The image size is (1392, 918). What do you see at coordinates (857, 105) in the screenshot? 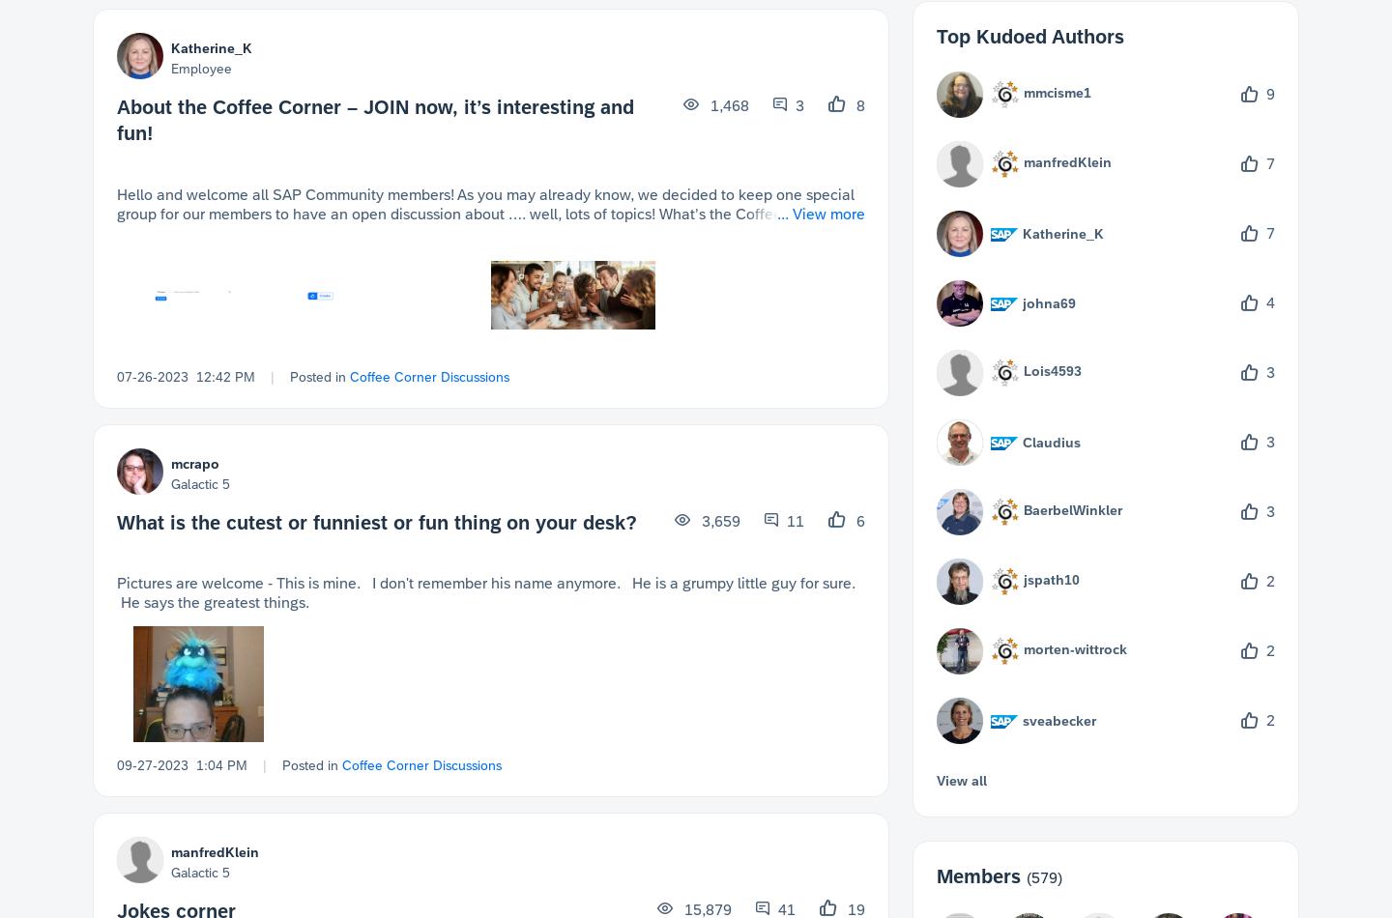
I see `'8'` at bounding box center [857, 105].